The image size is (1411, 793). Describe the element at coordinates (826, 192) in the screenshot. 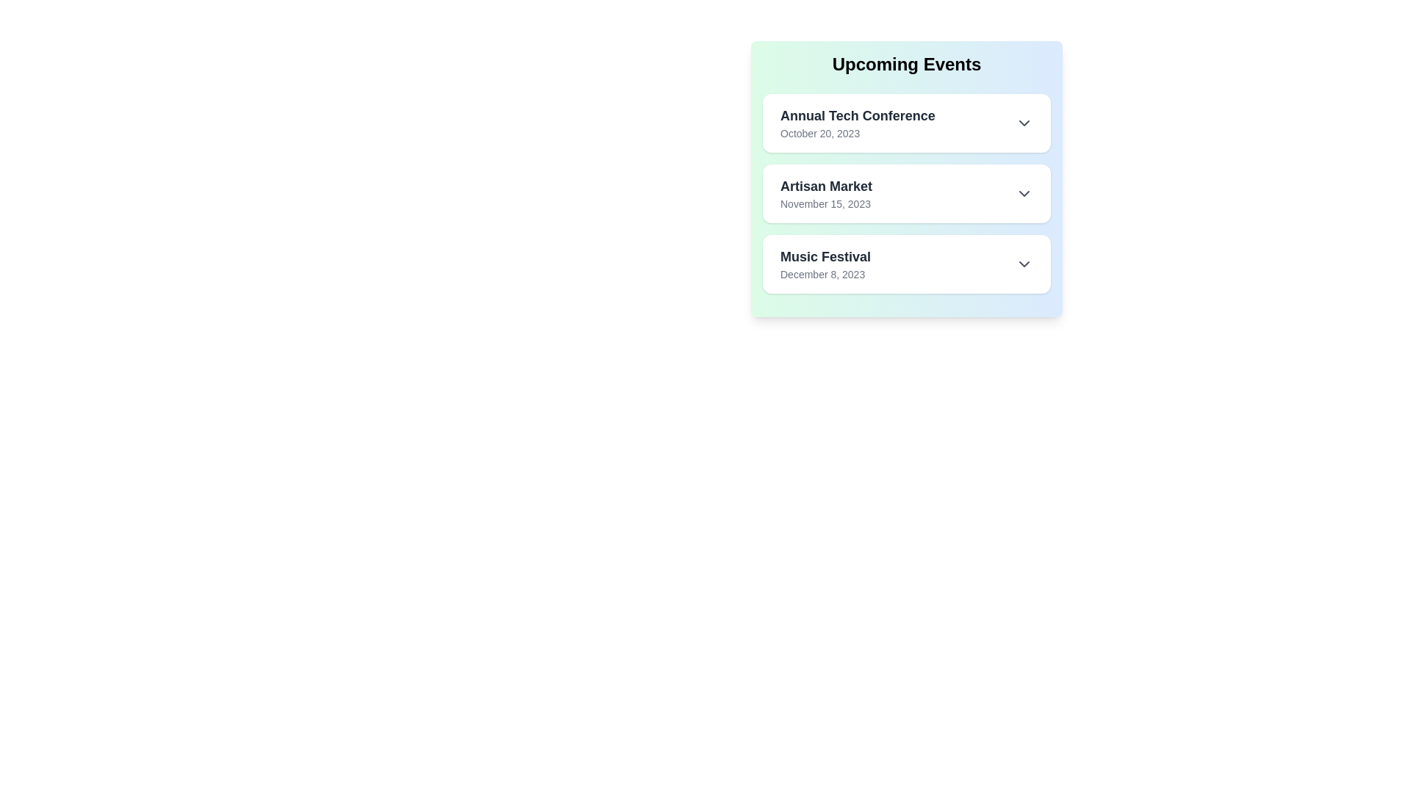

I see `information displayed in the 'Artisan Market' text display, which is the second item in the 'Upcoming Events' section, featuring the date 'November 15, 2023'` at that location.